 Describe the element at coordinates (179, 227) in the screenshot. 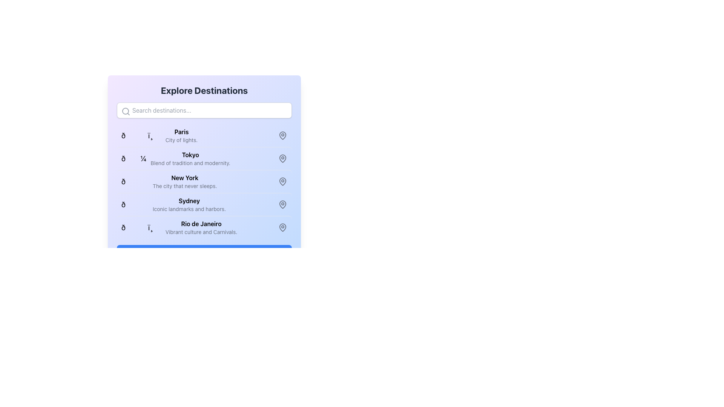

I see `the list item for 'Rio de Janeiro', which is positioned in the fifth row of the destination list` at that location.